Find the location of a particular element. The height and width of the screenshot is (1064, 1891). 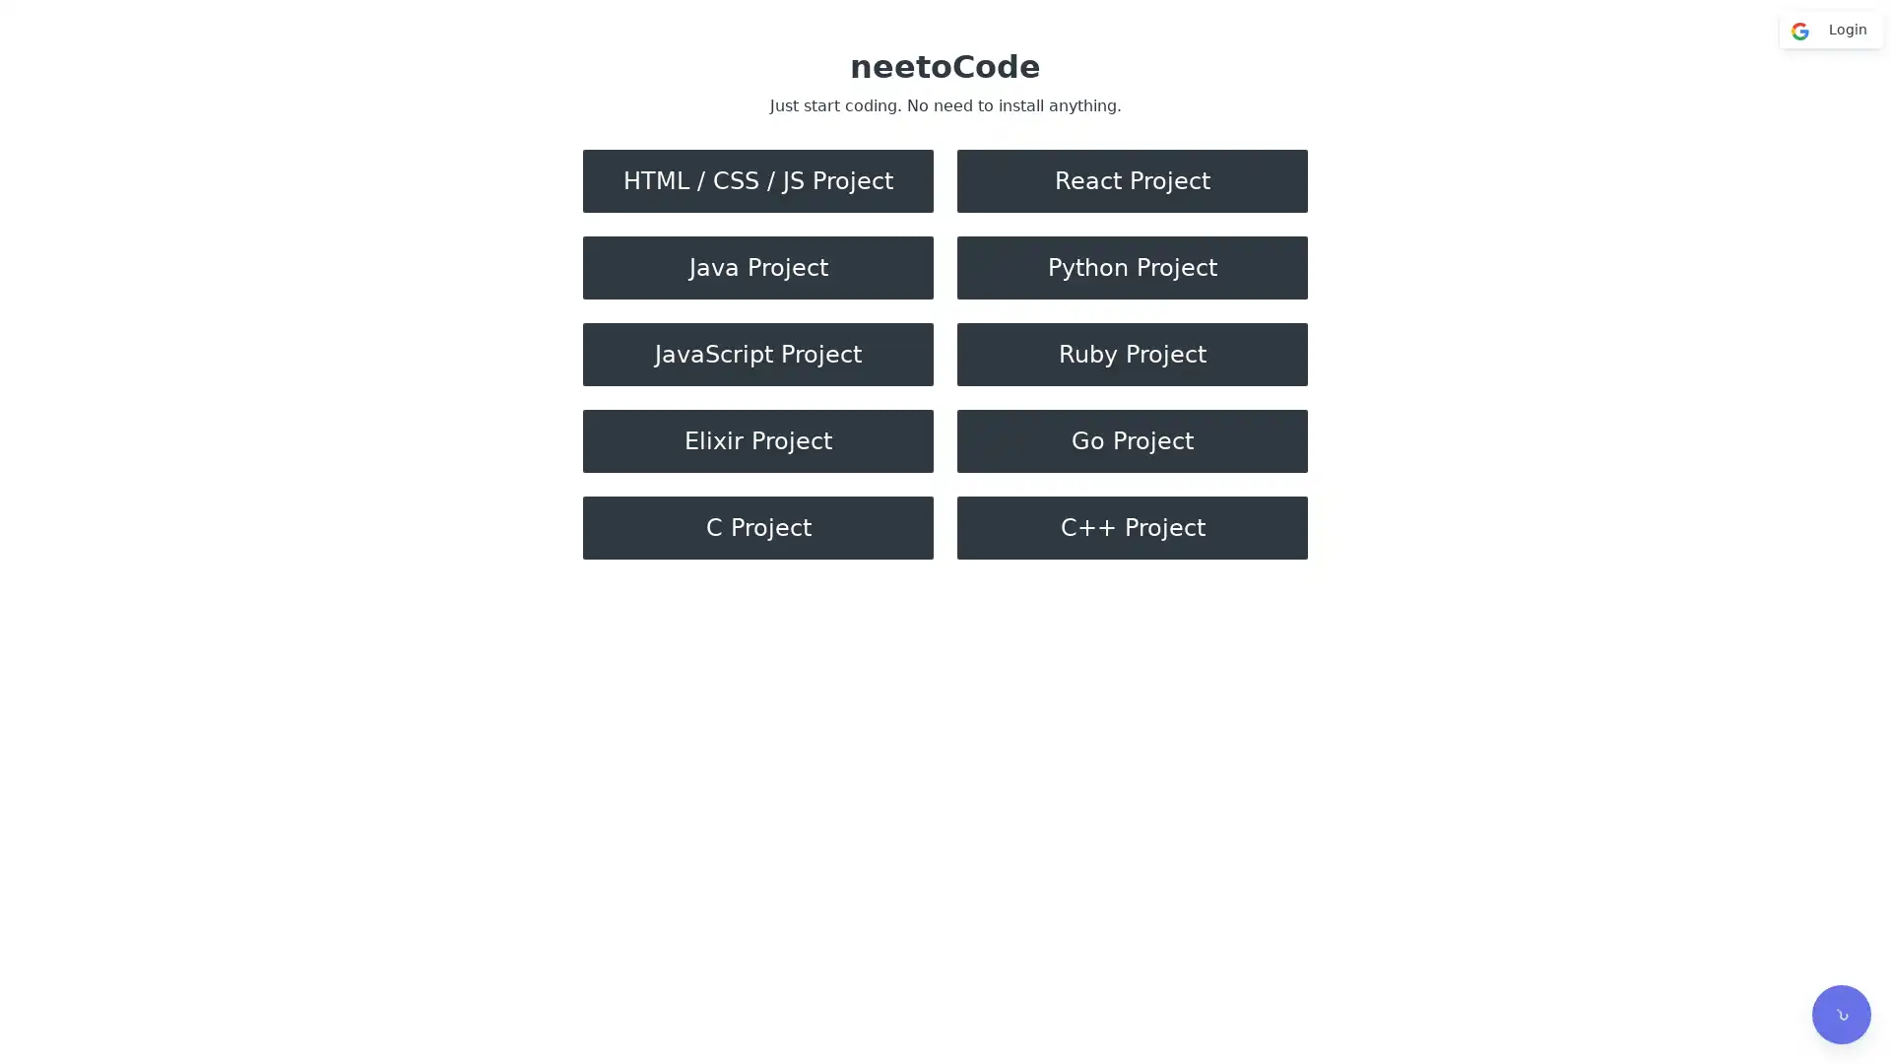

Go Project is located at coordinates (1133, 439).